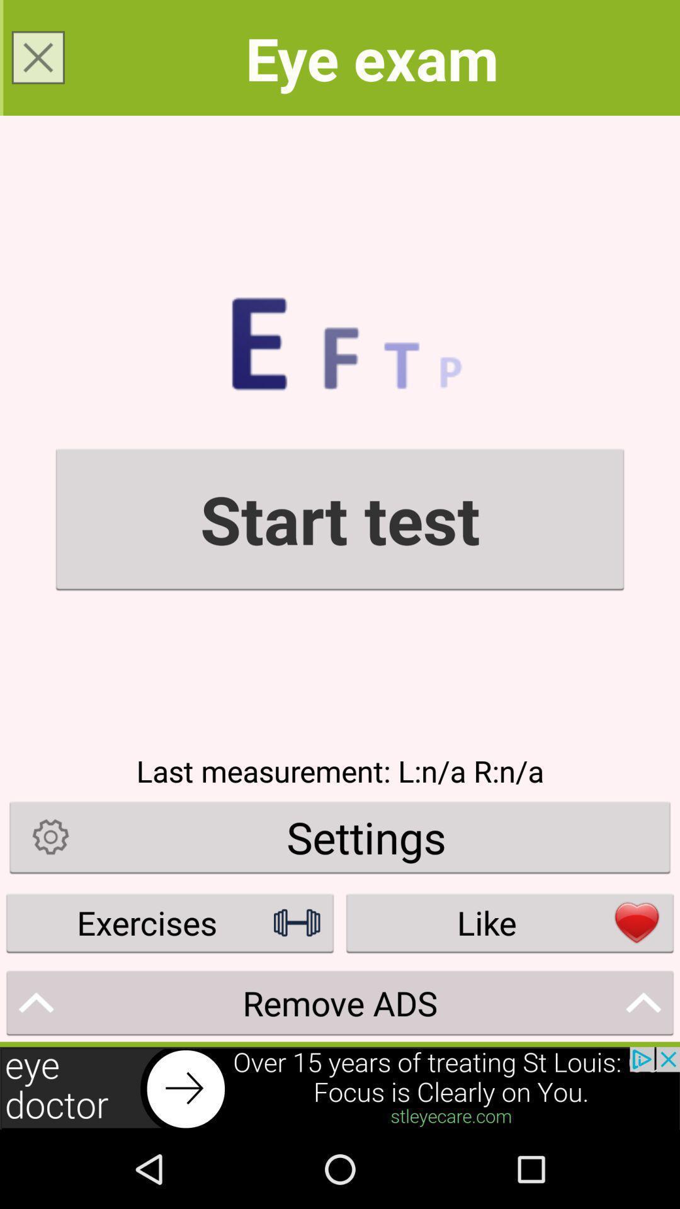 The image size is (680, 1209). Describe the element at coordinates (37, 57) in the screenshot. I see `the page` at that location.